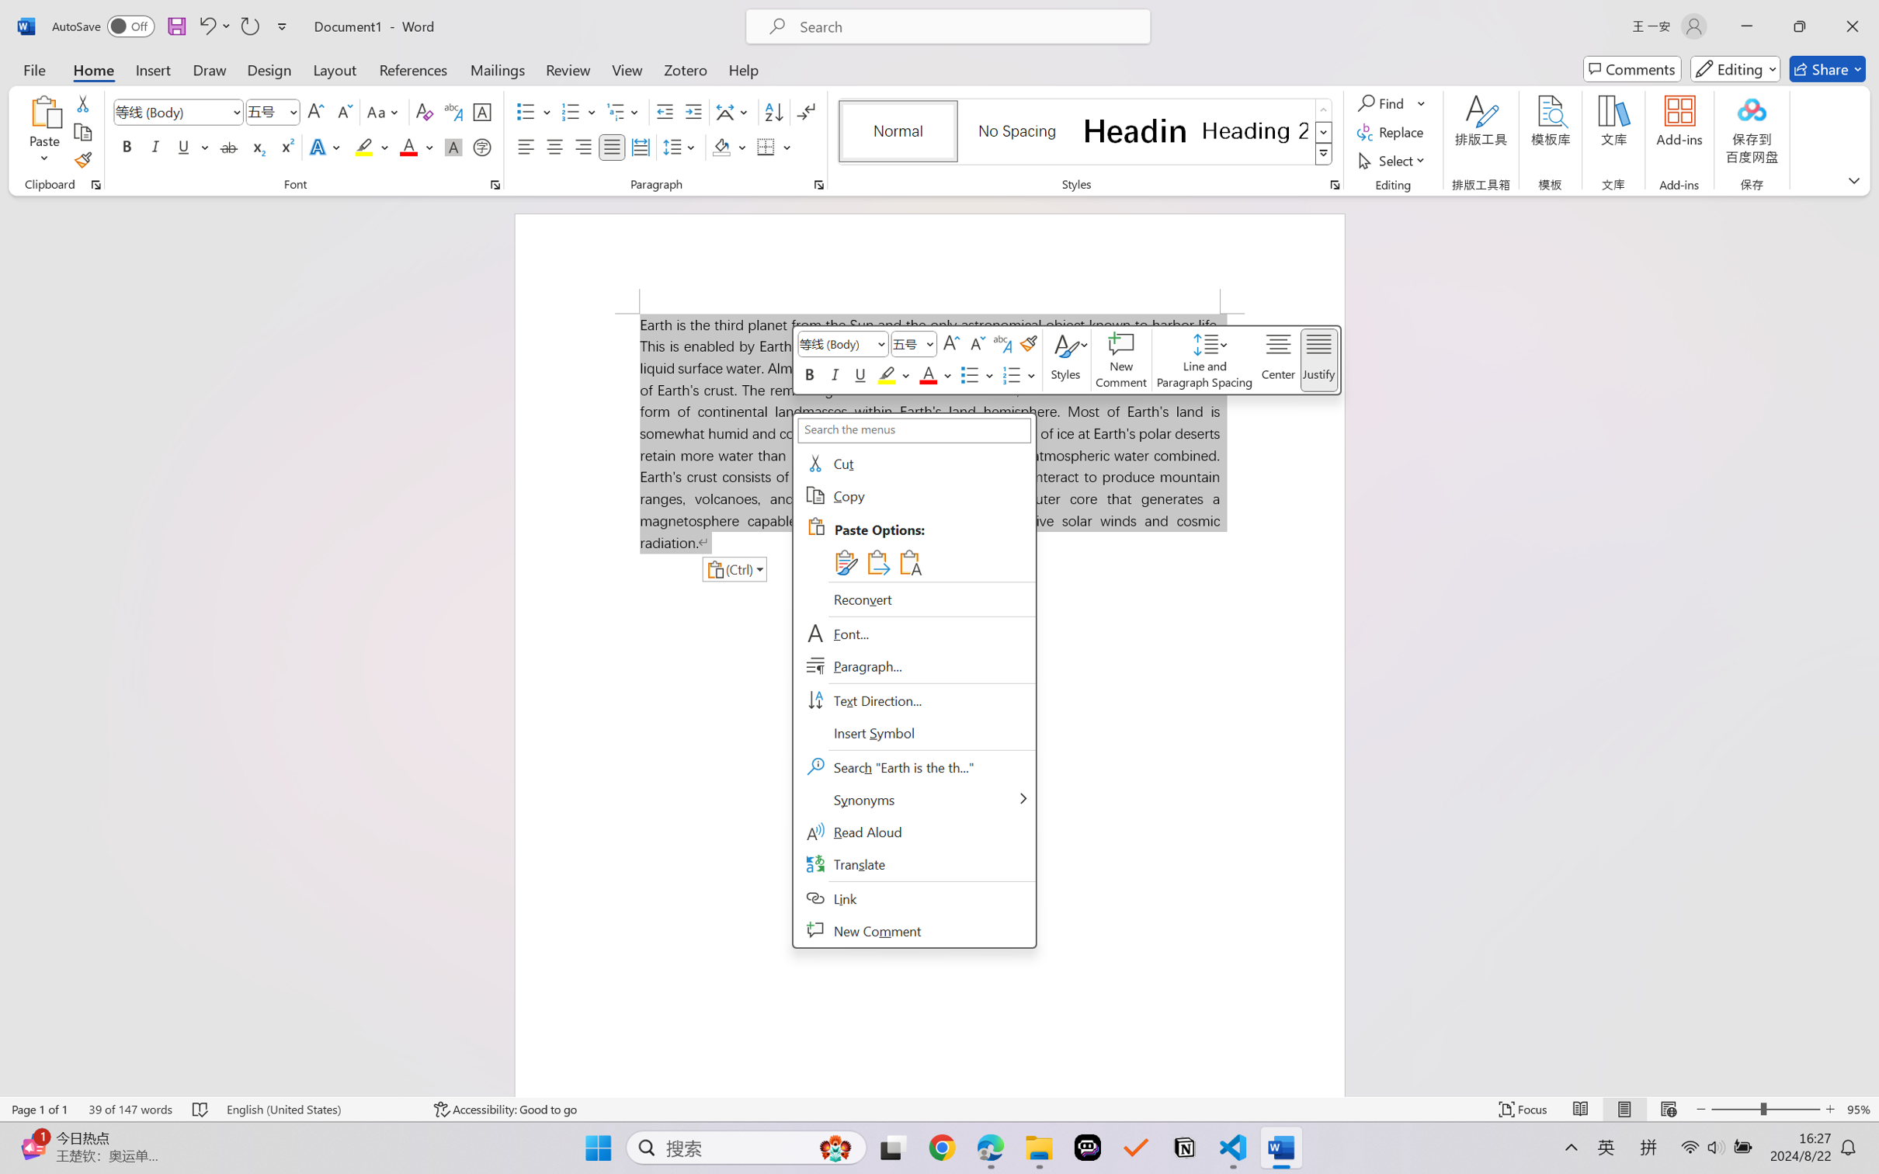 The width and height of the screenshot is (1879, 1174). What do you see at coordinates (665, 112) in the screenshot?
I see `'Decrease Indent'` at bounding box center [665, 112].